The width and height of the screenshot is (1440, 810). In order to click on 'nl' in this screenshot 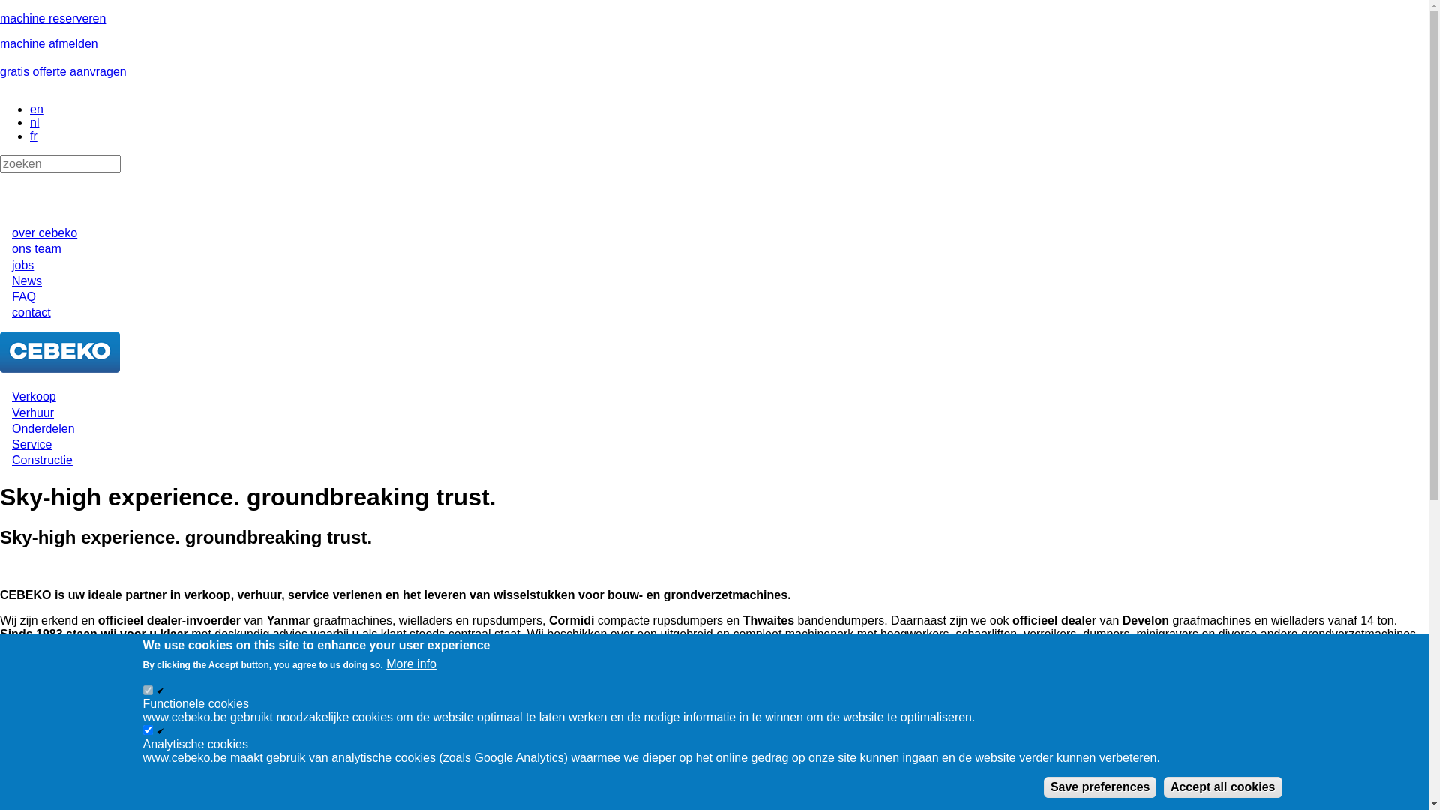, I will do `click(29, 121)`.